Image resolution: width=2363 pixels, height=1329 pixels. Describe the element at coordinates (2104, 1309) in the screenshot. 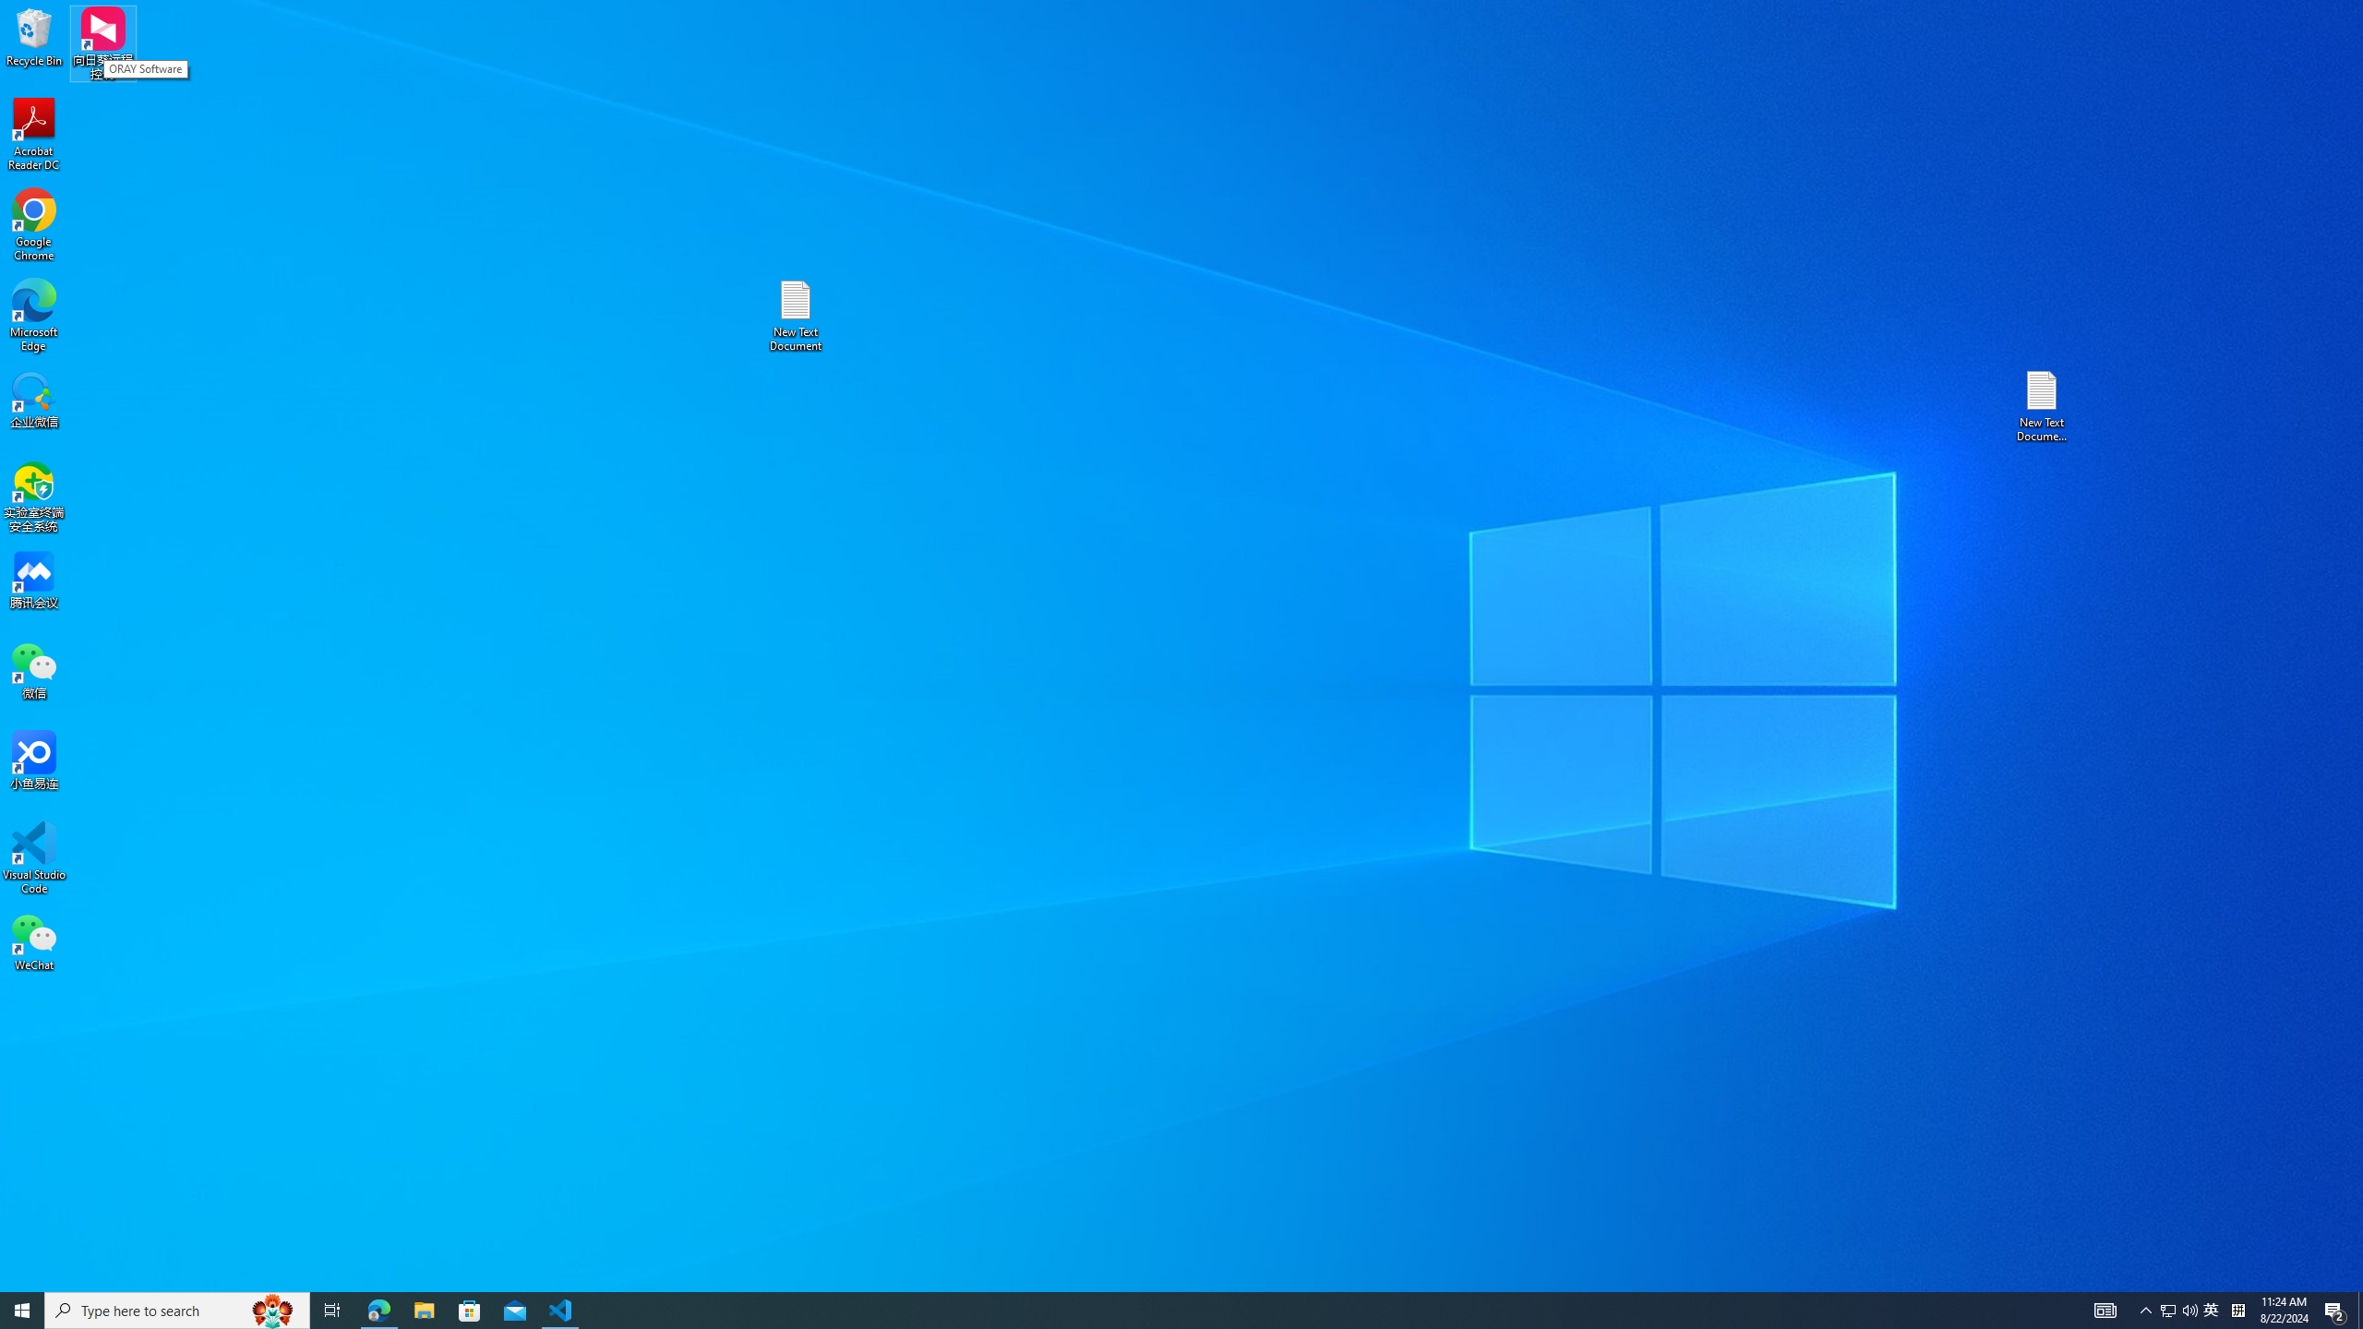

I see `'AutomationID: 4105'` at that location.